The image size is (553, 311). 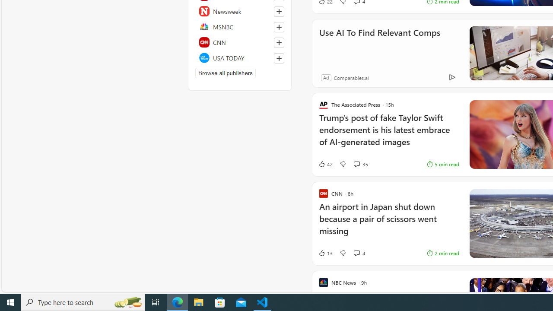 What do you see at coordinates (240, 57) in the screenshot?
I see `'USA TODAY'` at bounding box center [240, 57].